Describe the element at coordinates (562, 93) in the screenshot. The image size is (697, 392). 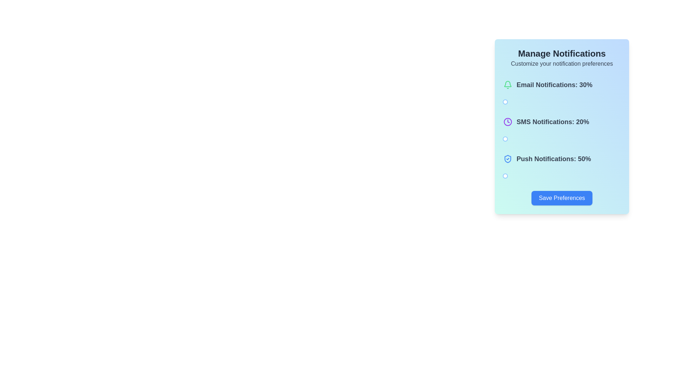
I see `the slider for email notifications, which is indicated by the text 'Email Notifications: 30%' next to a green bell icon` at that location.